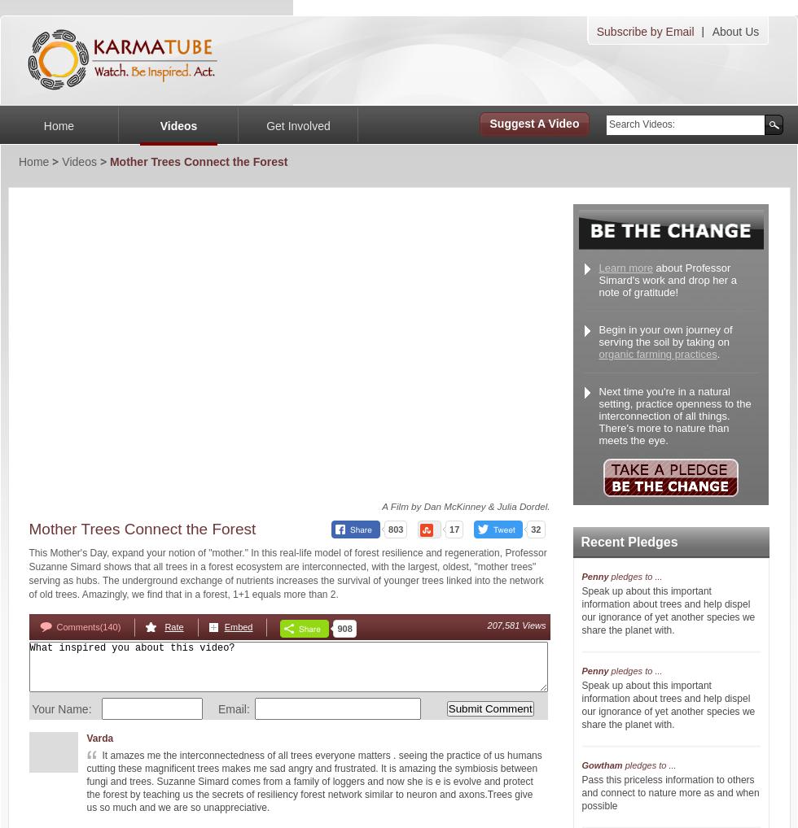 This screenshot has width=798, height=828. What do you see at coordinates (625, 267) in the screenshot?
I see `'Learn more'` at bounding box center [625, 267].